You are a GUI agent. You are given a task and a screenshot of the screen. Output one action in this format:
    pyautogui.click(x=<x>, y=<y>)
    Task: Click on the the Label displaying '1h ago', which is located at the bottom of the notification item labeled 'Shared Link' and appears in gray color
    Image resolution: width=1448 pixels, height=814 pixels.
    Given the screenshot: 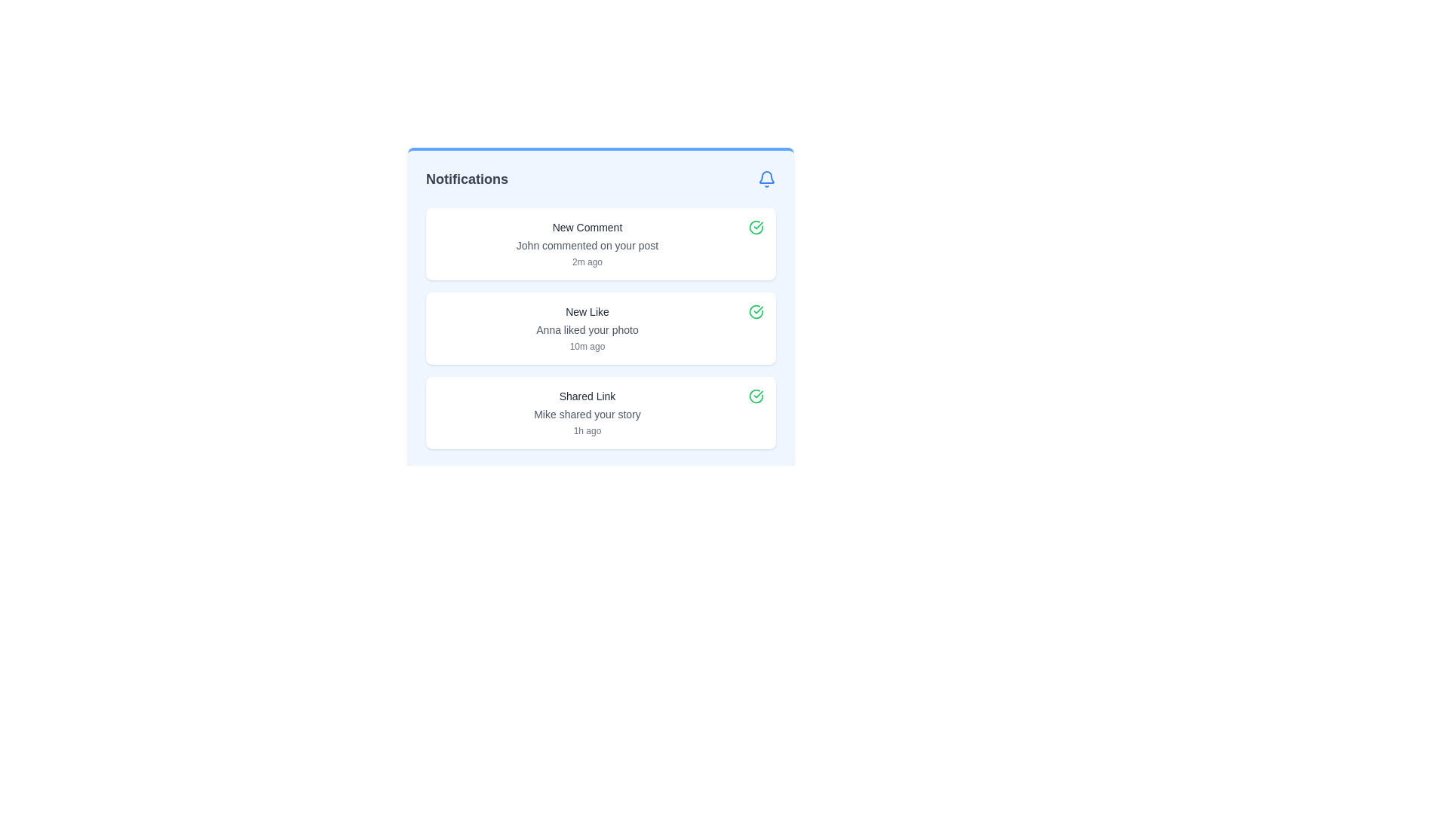 What is the action you would take?
    pyautogui.click(x=586, y=430)
    